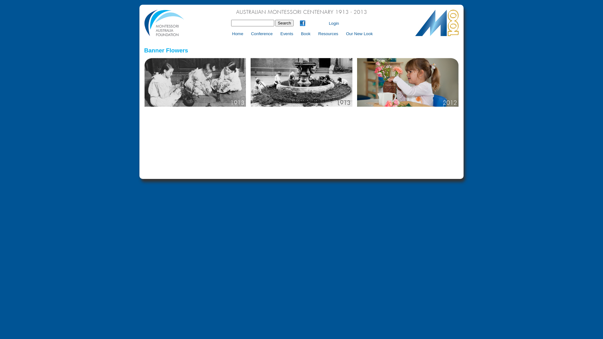 The image size is (603, 339). What do you see at coordinates (334, 23) in the screenshot?
I see `'Login'` at bounding box center [334, 23].